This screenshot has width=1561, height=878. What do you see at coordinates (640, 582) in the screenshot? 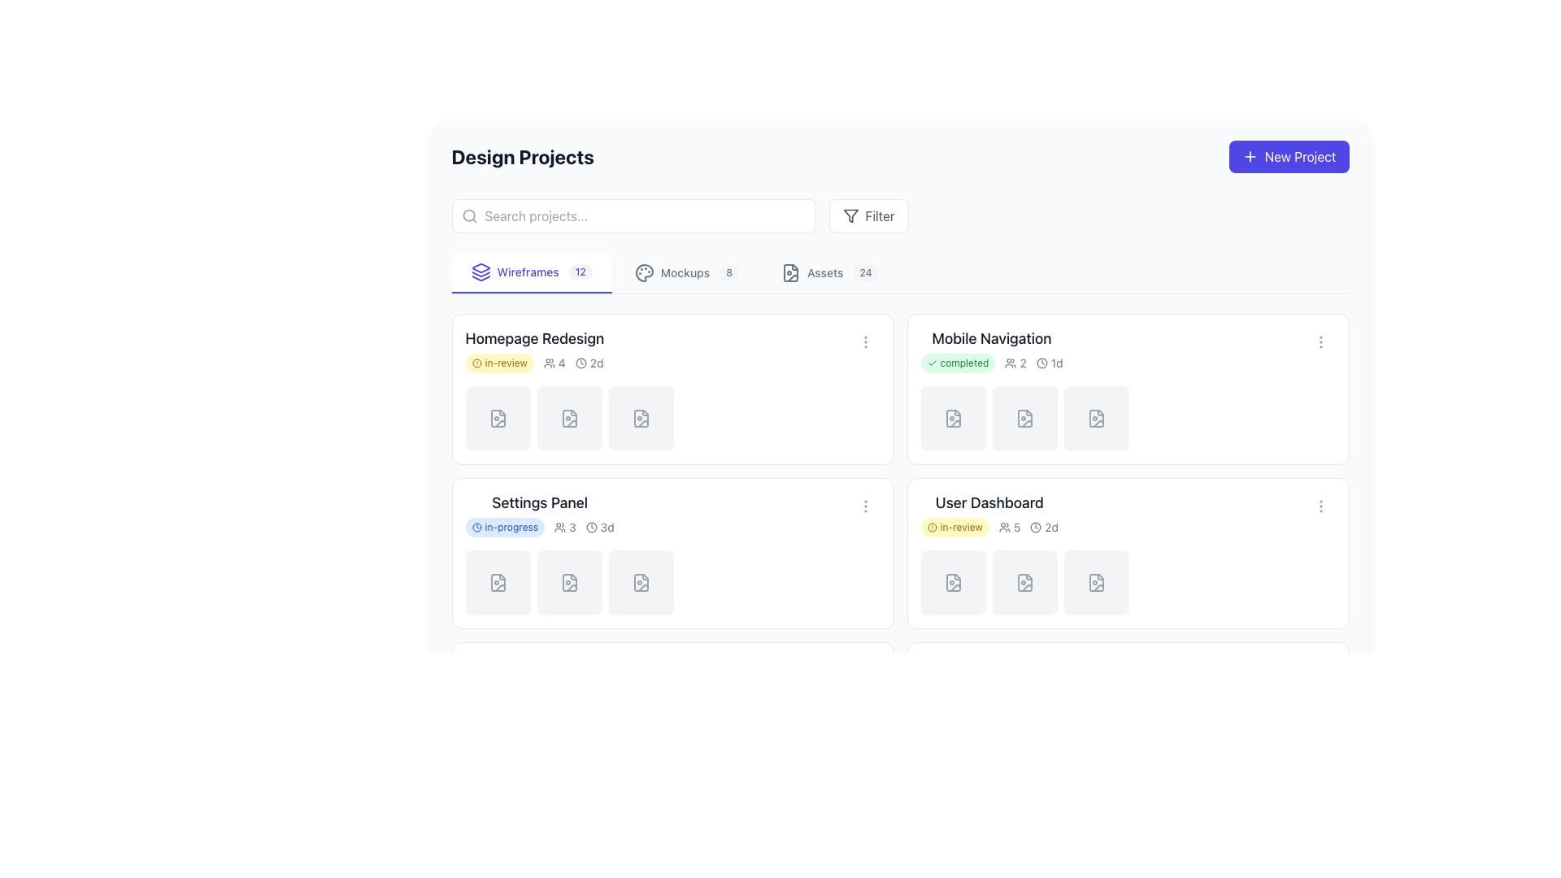
I see `the SVG graphic icon resembling a document with an image embedded in it located in the 'Settings Panel' section, which is the third item in a row of icons` at bounding box center [640, 582].